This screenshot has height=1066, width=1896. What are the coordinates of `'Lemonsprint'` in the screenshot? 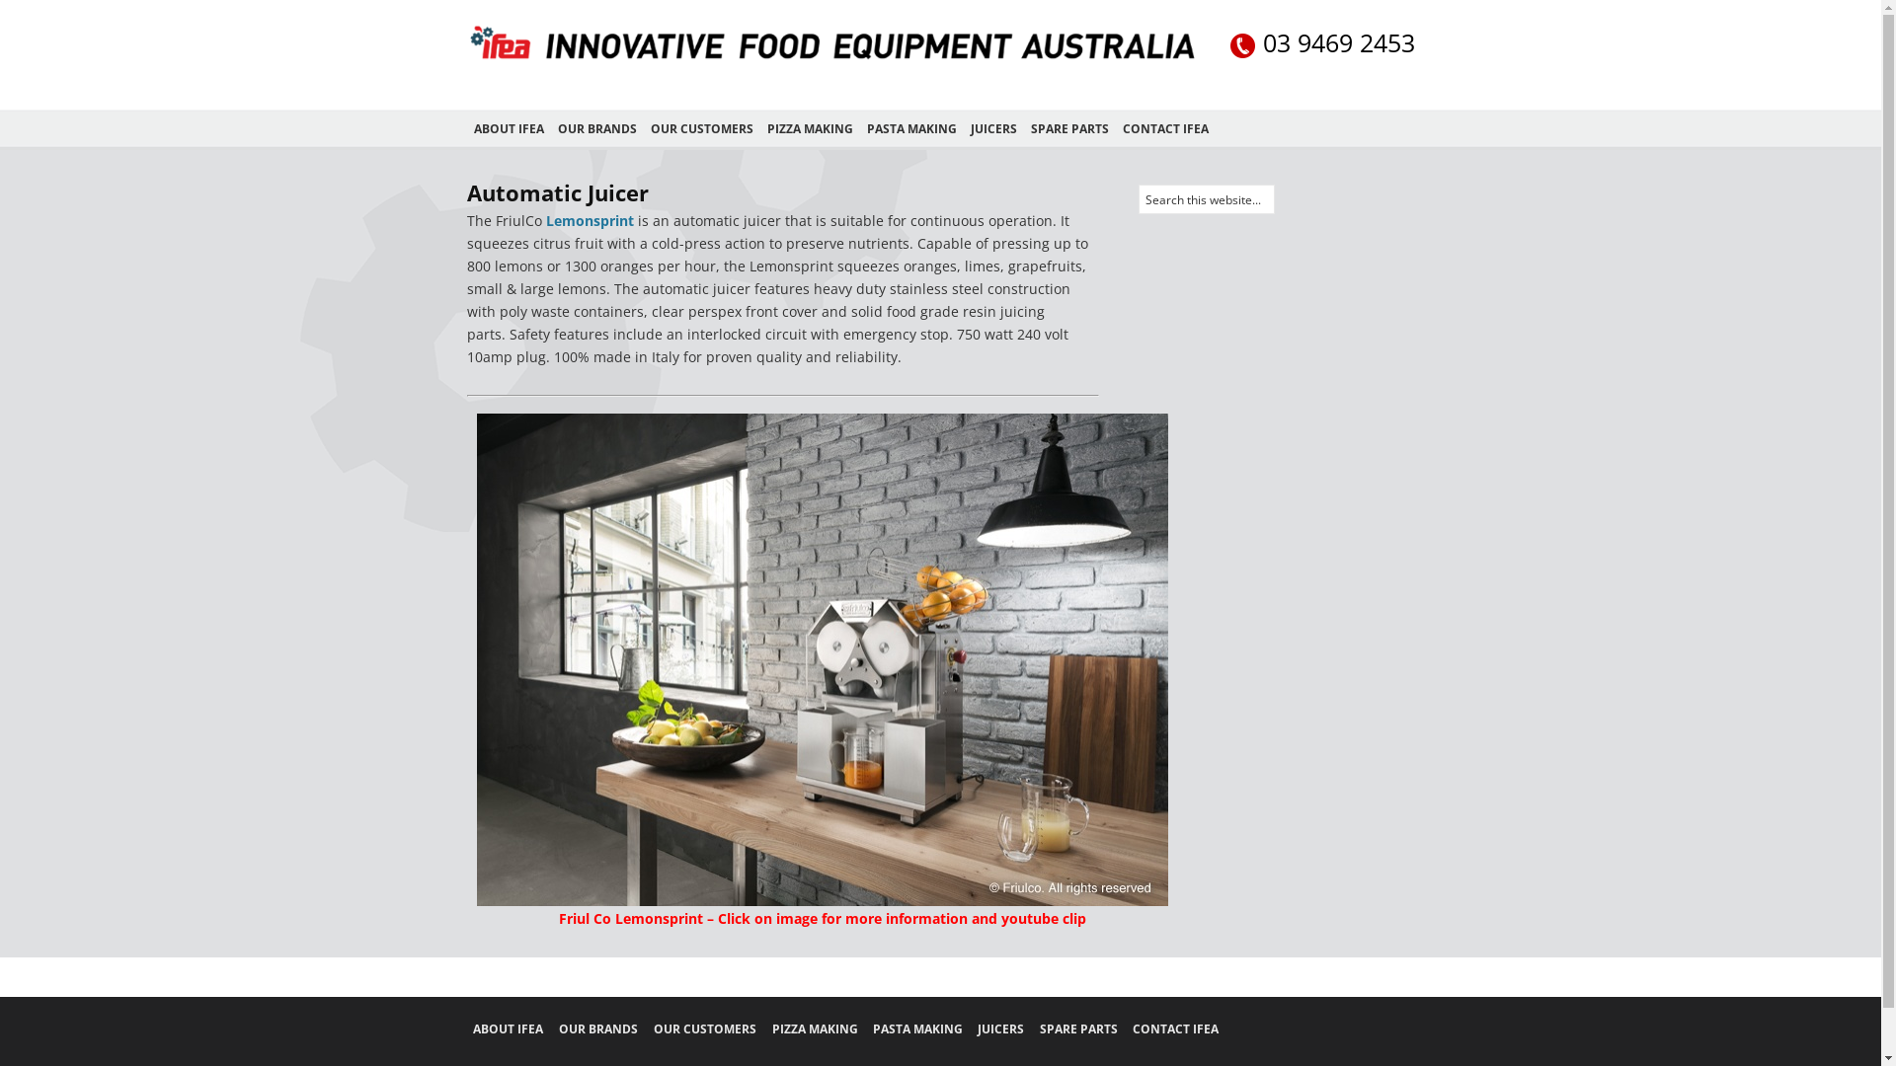 It's located at (588, 220).